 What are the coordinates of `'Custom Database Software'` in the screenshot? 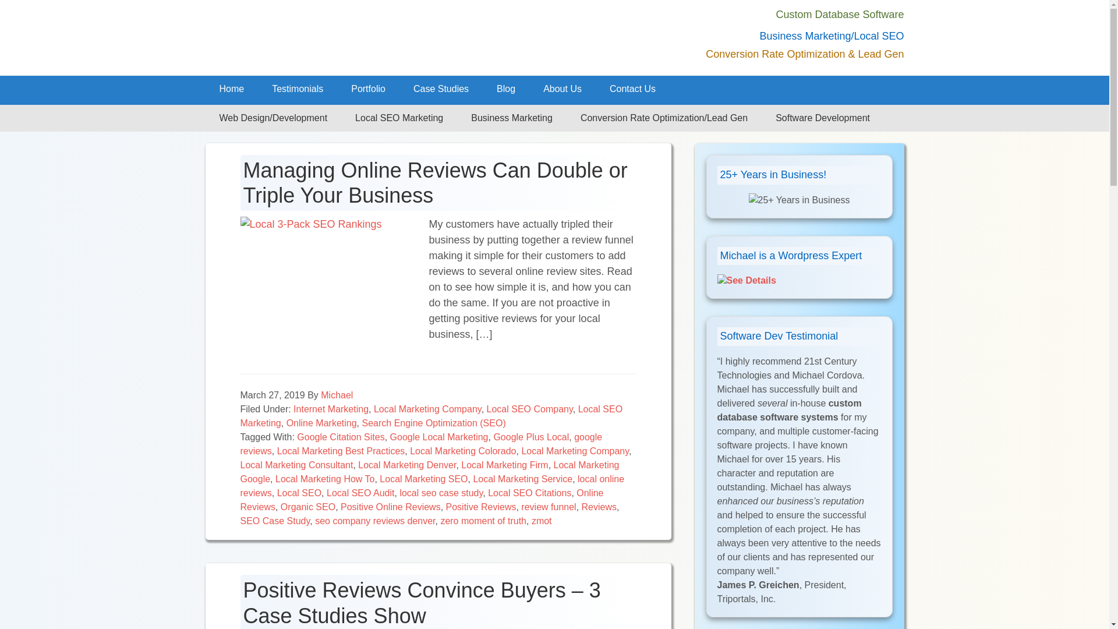 It's located at (839, 14).